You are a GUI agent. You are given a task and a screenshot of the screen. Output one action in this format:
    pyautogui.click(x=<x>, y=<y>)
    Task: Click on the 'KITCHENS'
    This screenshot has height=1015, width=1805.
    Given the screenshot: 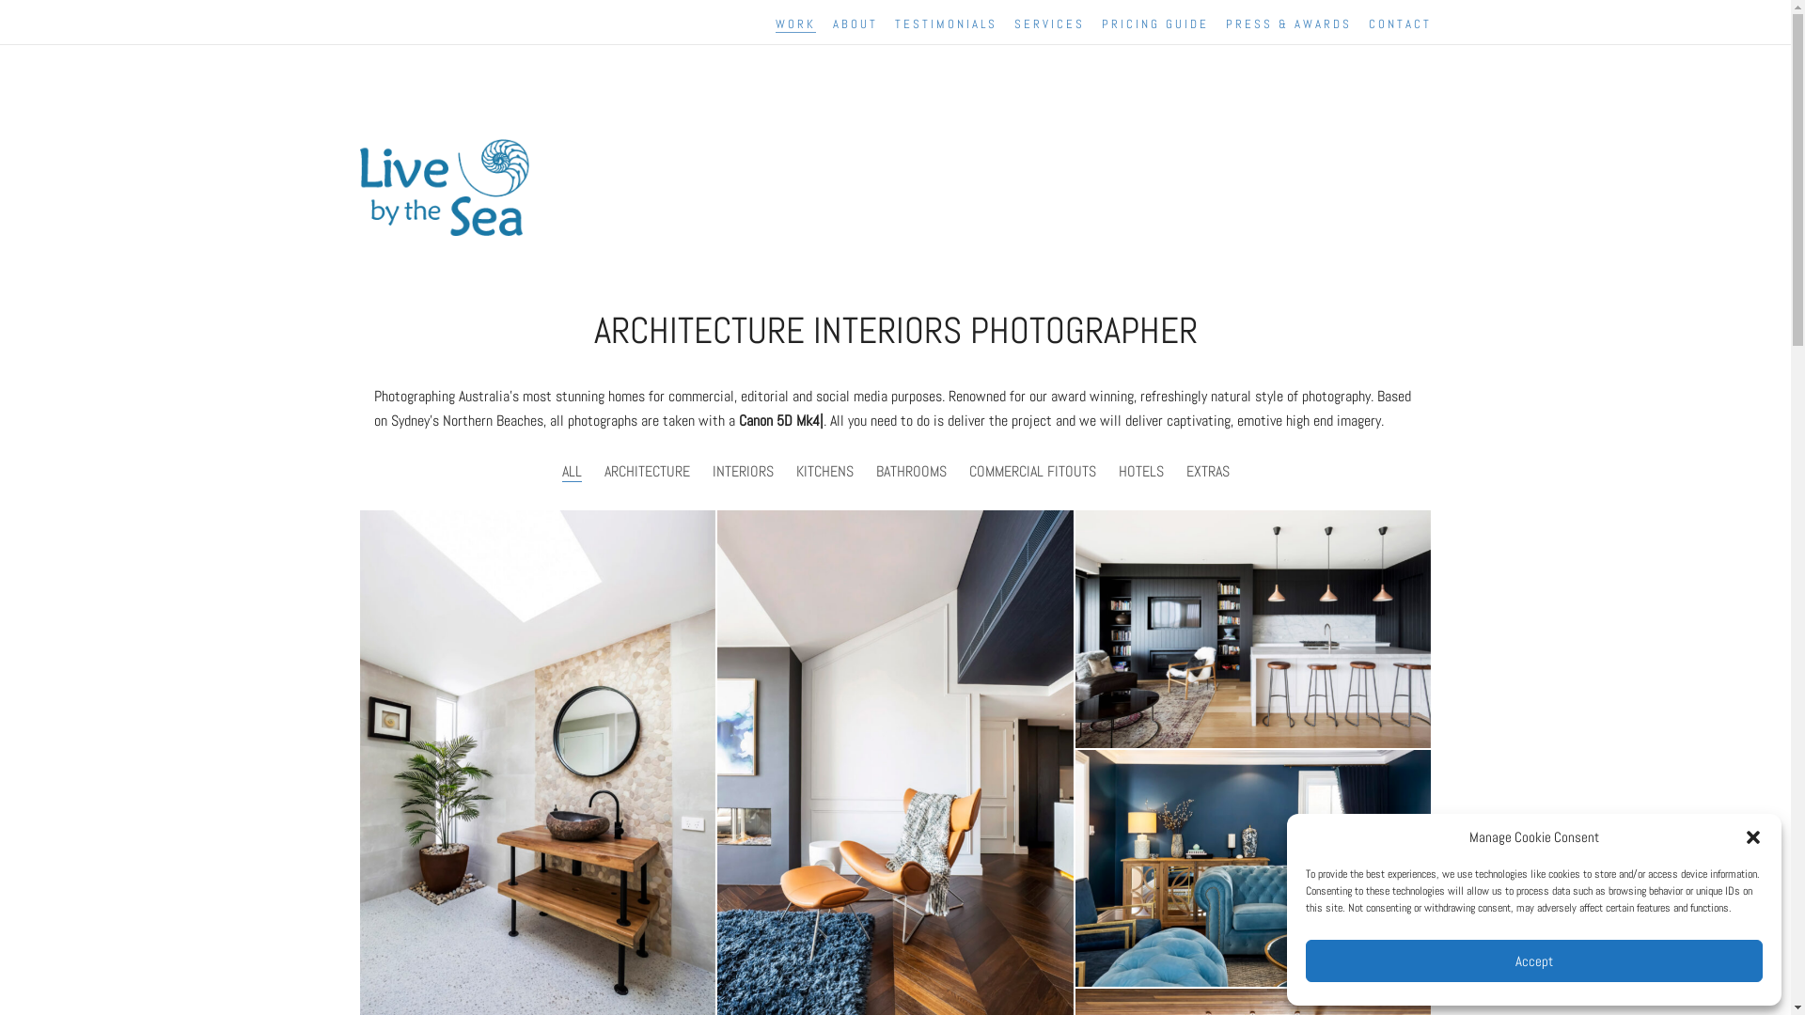 What is the action you would take?
    pyautogui.click(x=824, y=470)
    